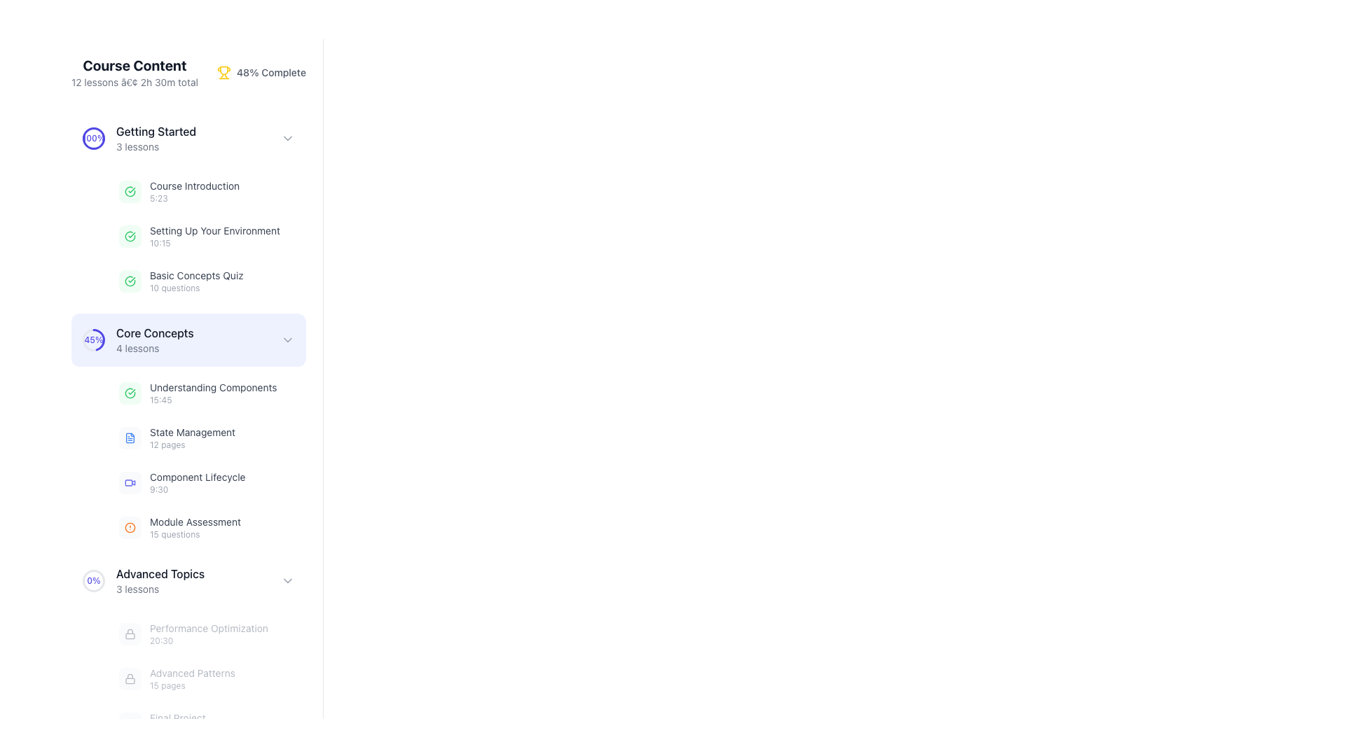  What do you see at coordinates (155, 332) in the screenshot?
I see `the static text label for the 'Core Concepts' section, which is positioned near the top-left corner of the interface` at bounding box center [155, 332].